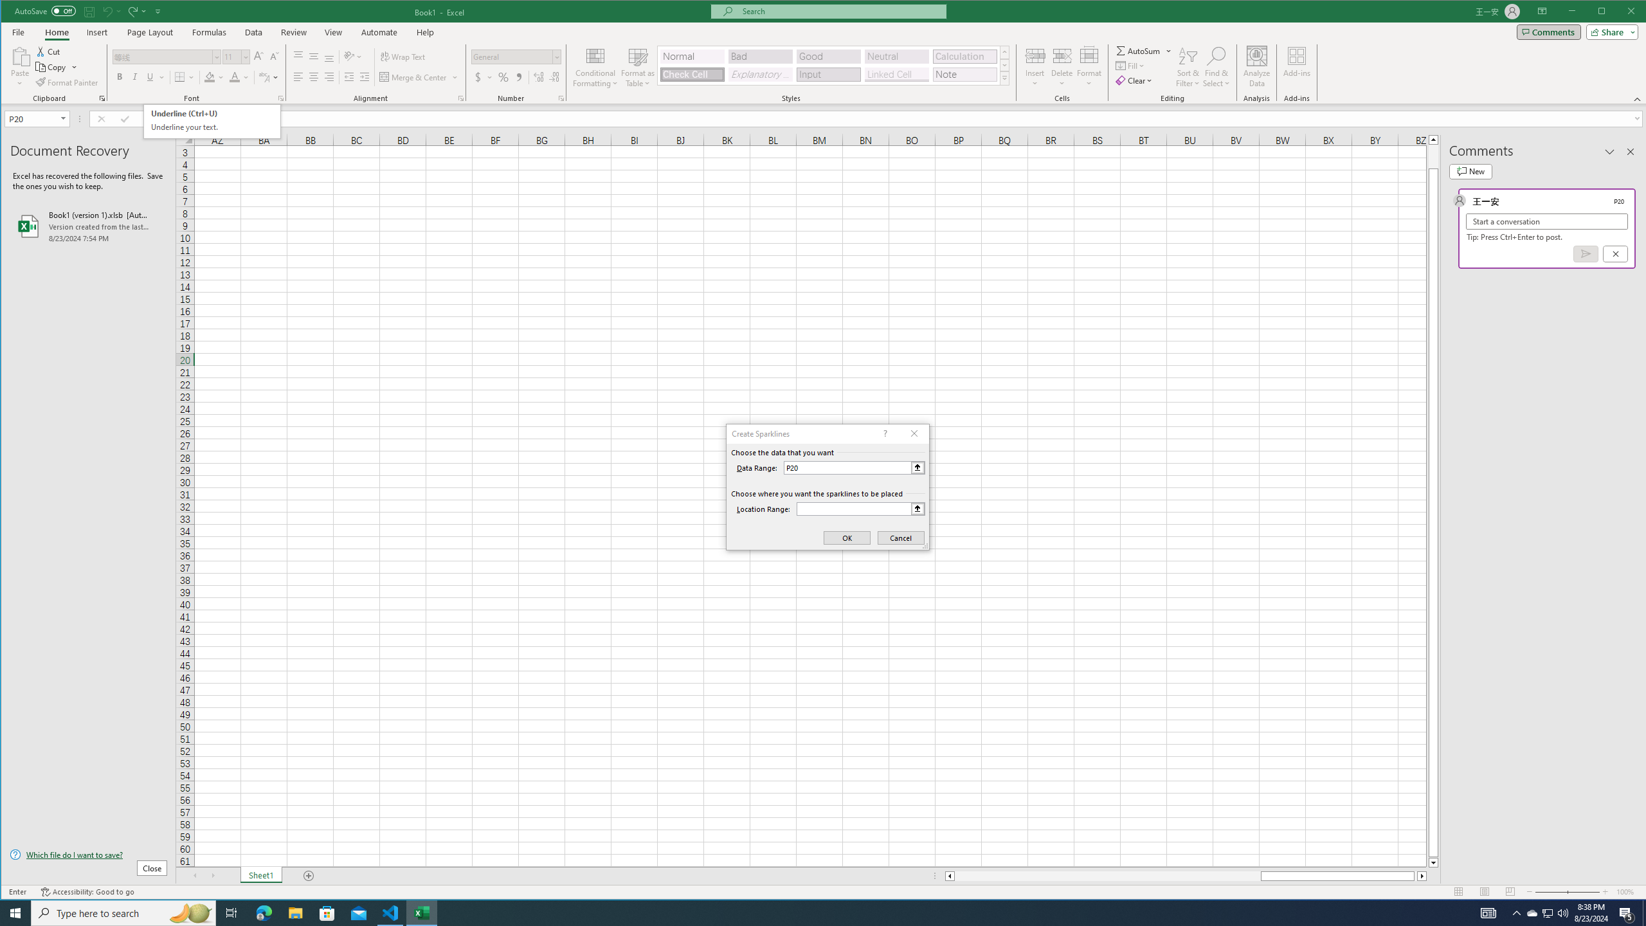 The height and width of the screenshot is (926, 1646). Describe the element at coordinates (482, 77) in the screenshot. I see `'Accounting Number Format'` at that location.